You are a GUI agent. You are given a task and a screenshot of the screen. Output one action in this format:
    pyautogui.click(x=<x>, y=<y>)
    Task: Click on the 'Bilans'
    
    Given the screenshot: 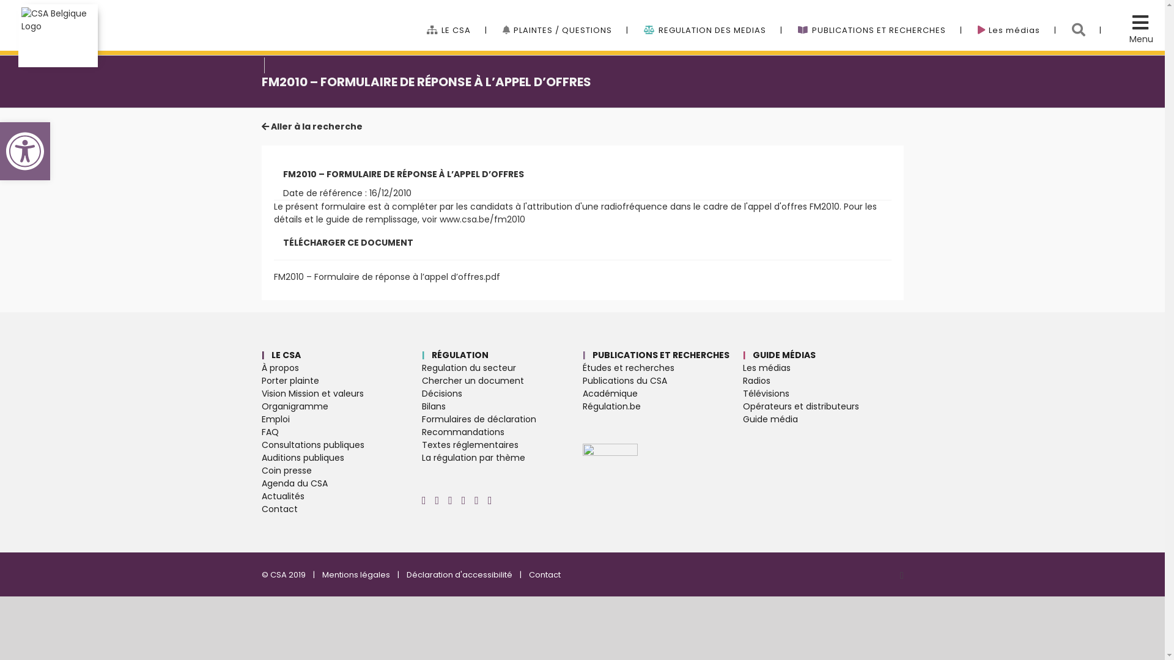 What is the action you would take?
    pyautogui.click(x=422, y=406)
    